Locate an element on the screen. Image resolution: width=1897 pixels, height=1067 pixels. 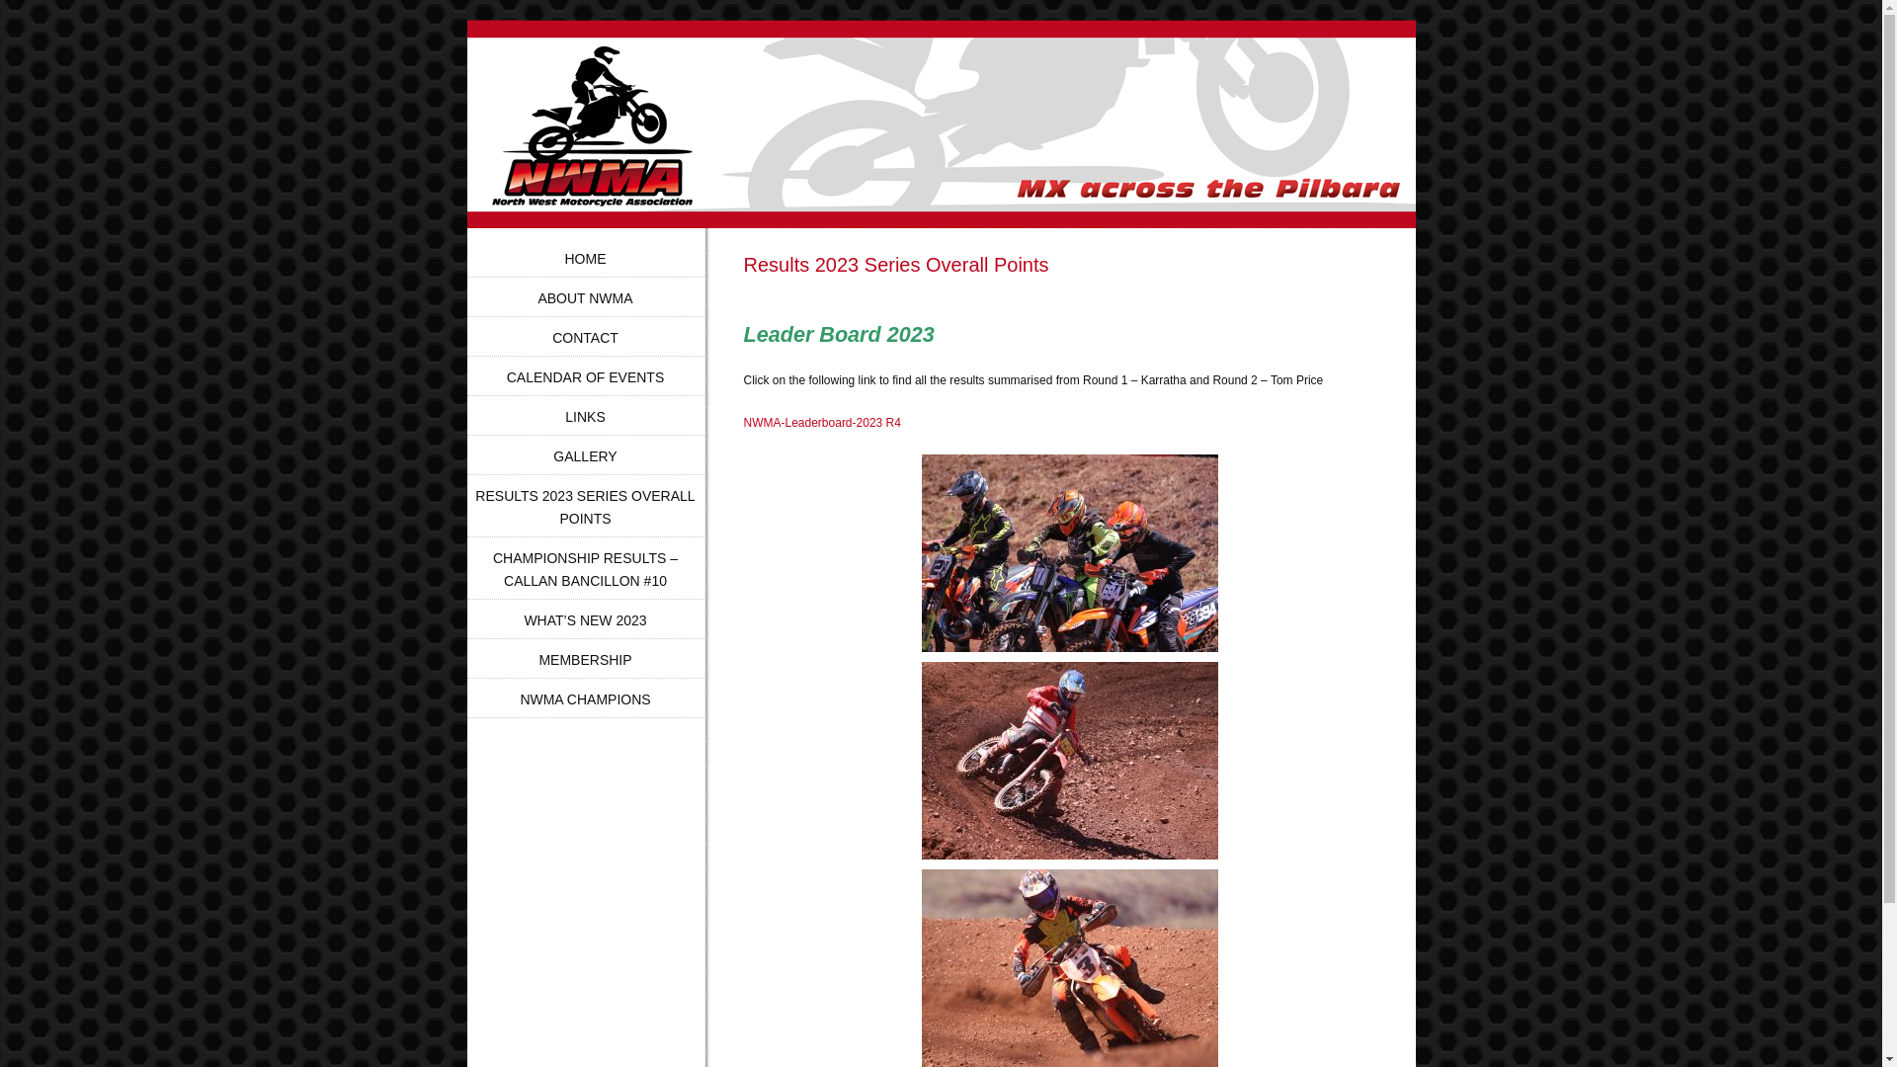
'NWMA-Leaderboard-2023 R4' is located at coordinates (821, 422).